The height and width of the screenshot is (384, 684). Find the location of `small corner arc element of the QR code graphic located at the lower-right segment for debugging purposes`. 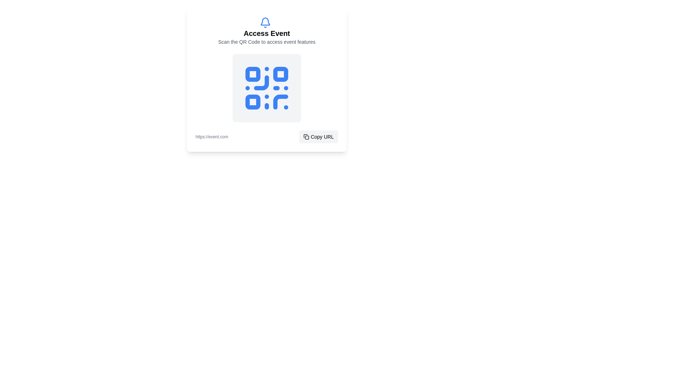

small corner arc element of the QR code graphic located at the lower-right segment for debugging purposes is located at coordinates (280, 102).